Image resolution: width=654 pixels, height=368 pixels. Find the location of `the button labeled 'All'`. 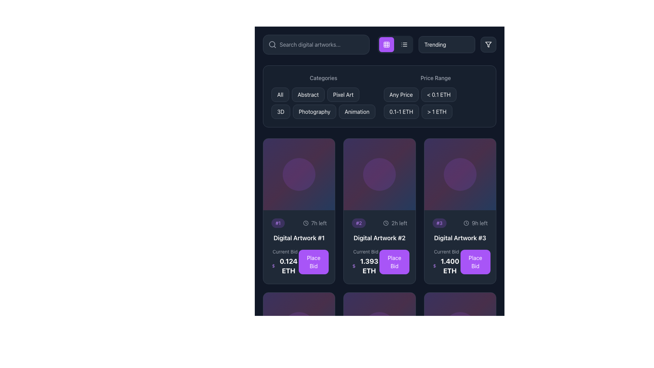

the button labeled 'All' is located at coordinates (280, 94).